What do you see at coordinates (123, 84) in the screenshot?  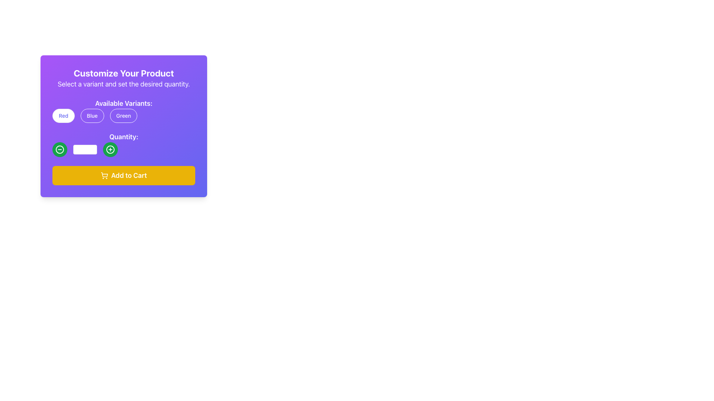 I see `the text label that reads 'Select a variant and set the desired quantity.' which is styled with a larger font size and located below the headline 'Customize Your Product.'` at bounding box center [123, 84].